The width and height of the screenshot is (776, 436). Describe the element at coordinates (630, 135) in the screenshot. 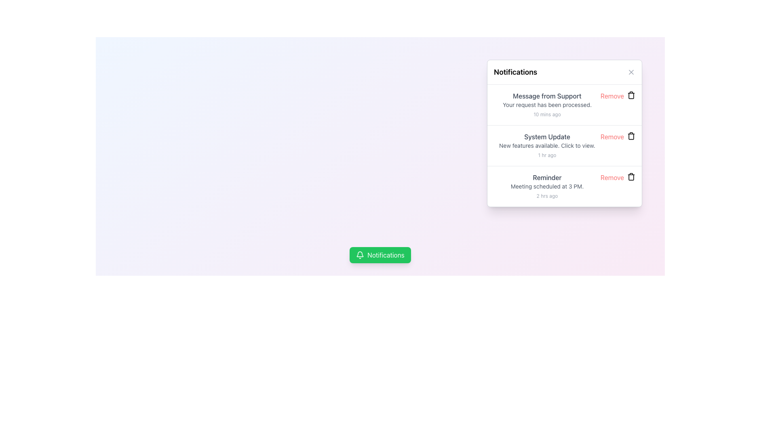

I see `the icon located at the far right end of the 'System Update' notification card` at that location.